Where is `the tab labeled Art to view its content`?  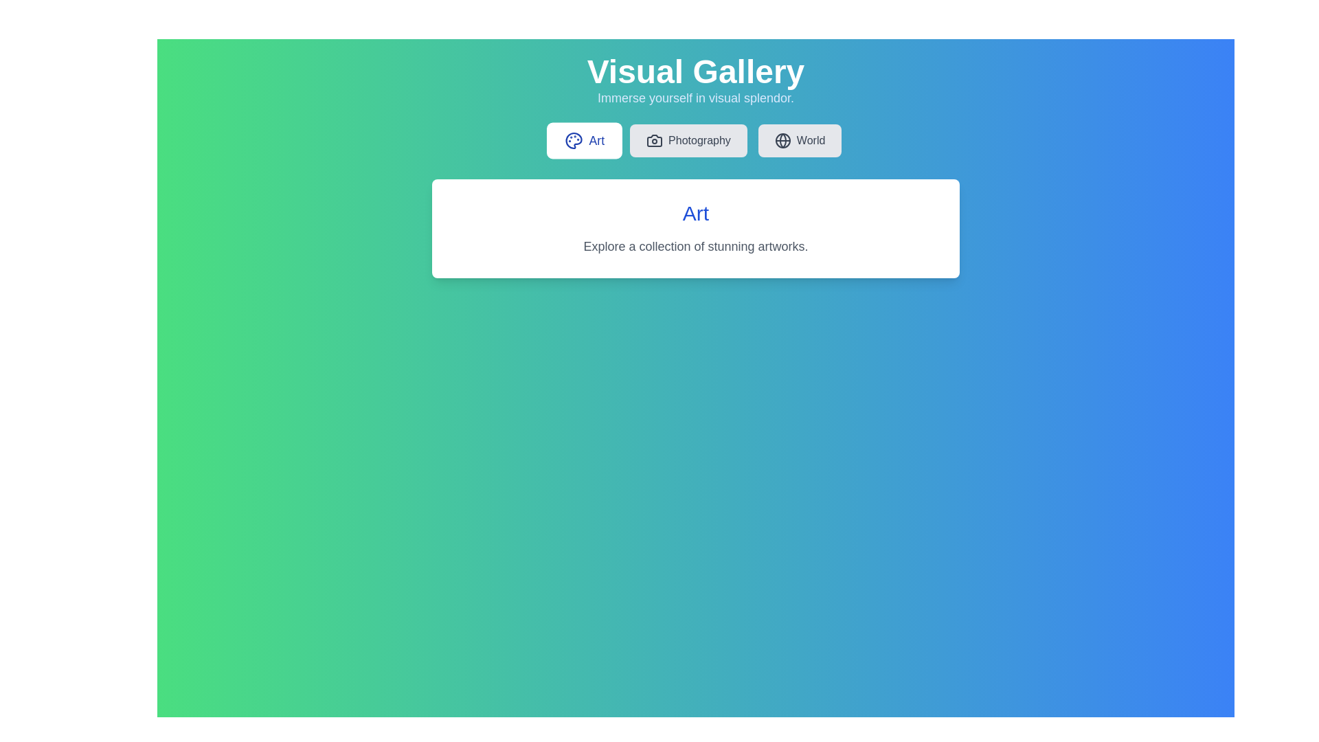 the tab labeled Art to view its content is located at coordinates (584, 140).